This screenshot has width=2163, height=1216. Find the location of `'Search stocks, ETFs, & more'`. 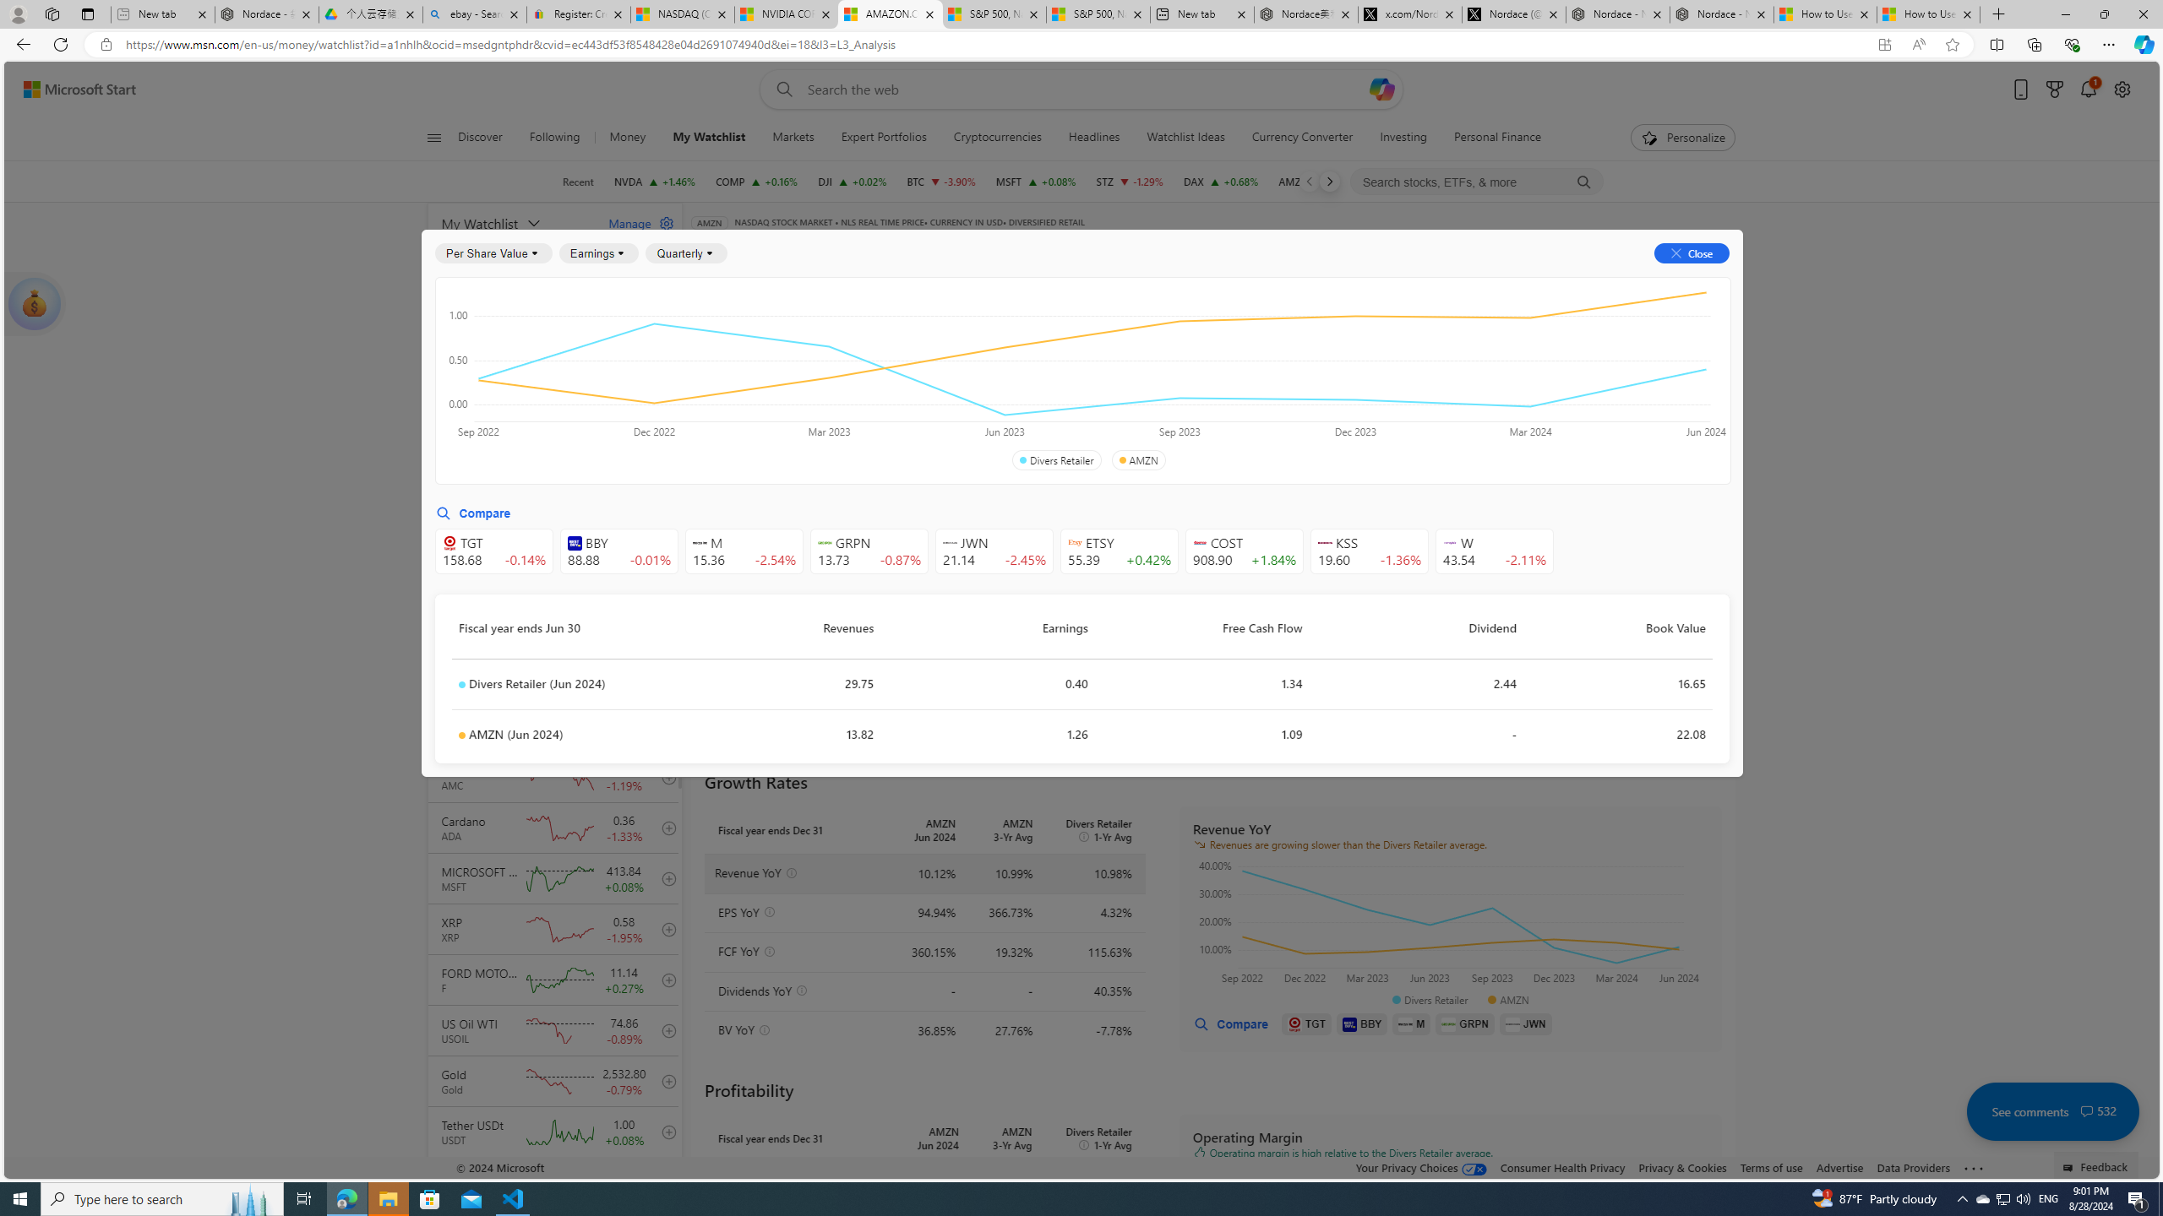

'Search stocks, ETFs, & more' is located at coordinates (1477, 182).